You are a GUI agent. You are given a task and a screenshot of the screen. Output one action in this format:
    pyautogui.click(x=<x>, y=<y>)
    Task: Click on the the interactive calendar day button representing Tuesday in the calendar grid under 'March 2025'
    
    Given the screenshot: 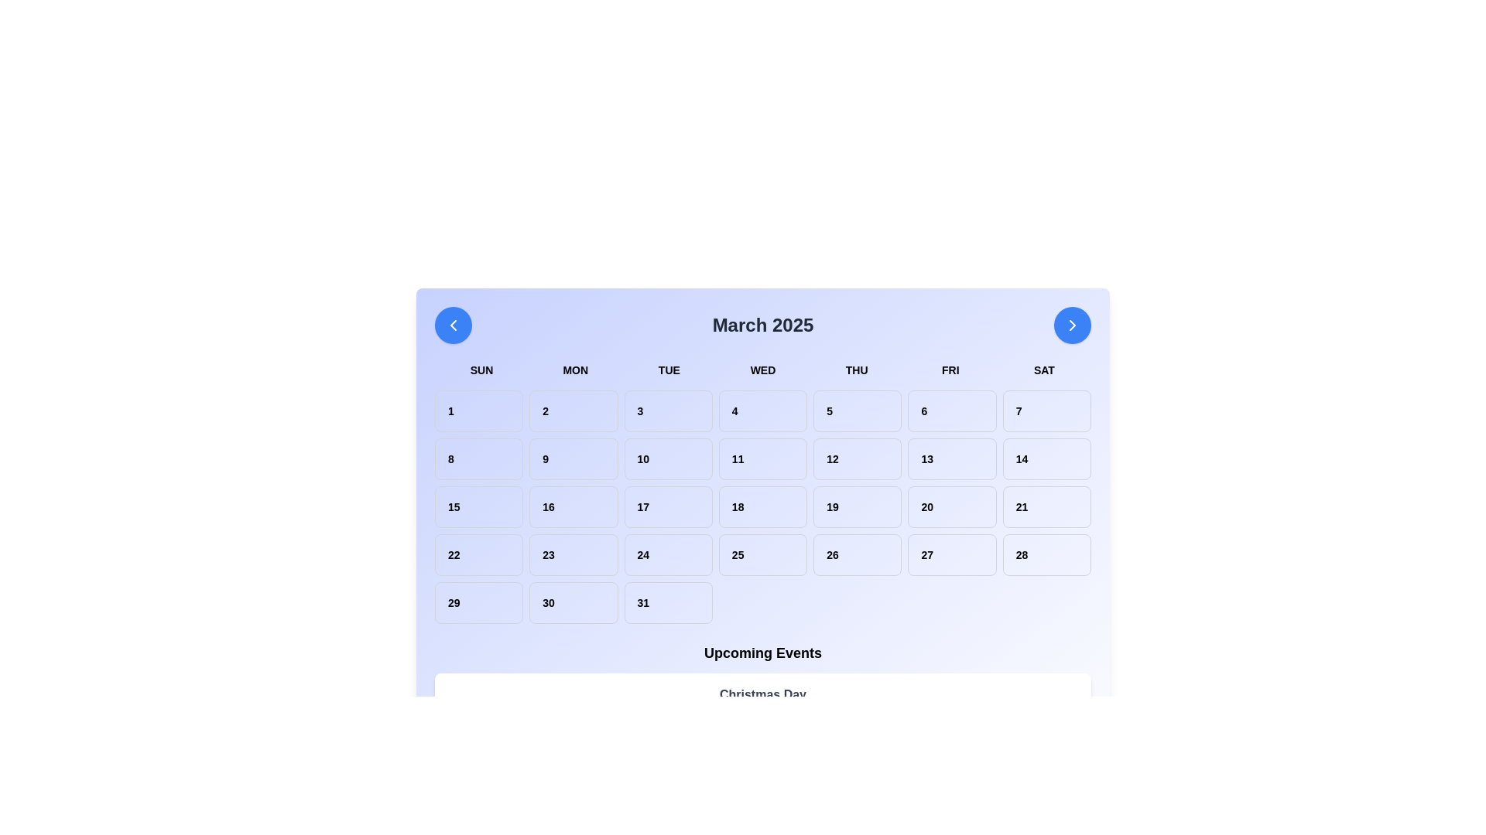 What is the action you would take?
    pyautogui.click(x=668, y=554)
    